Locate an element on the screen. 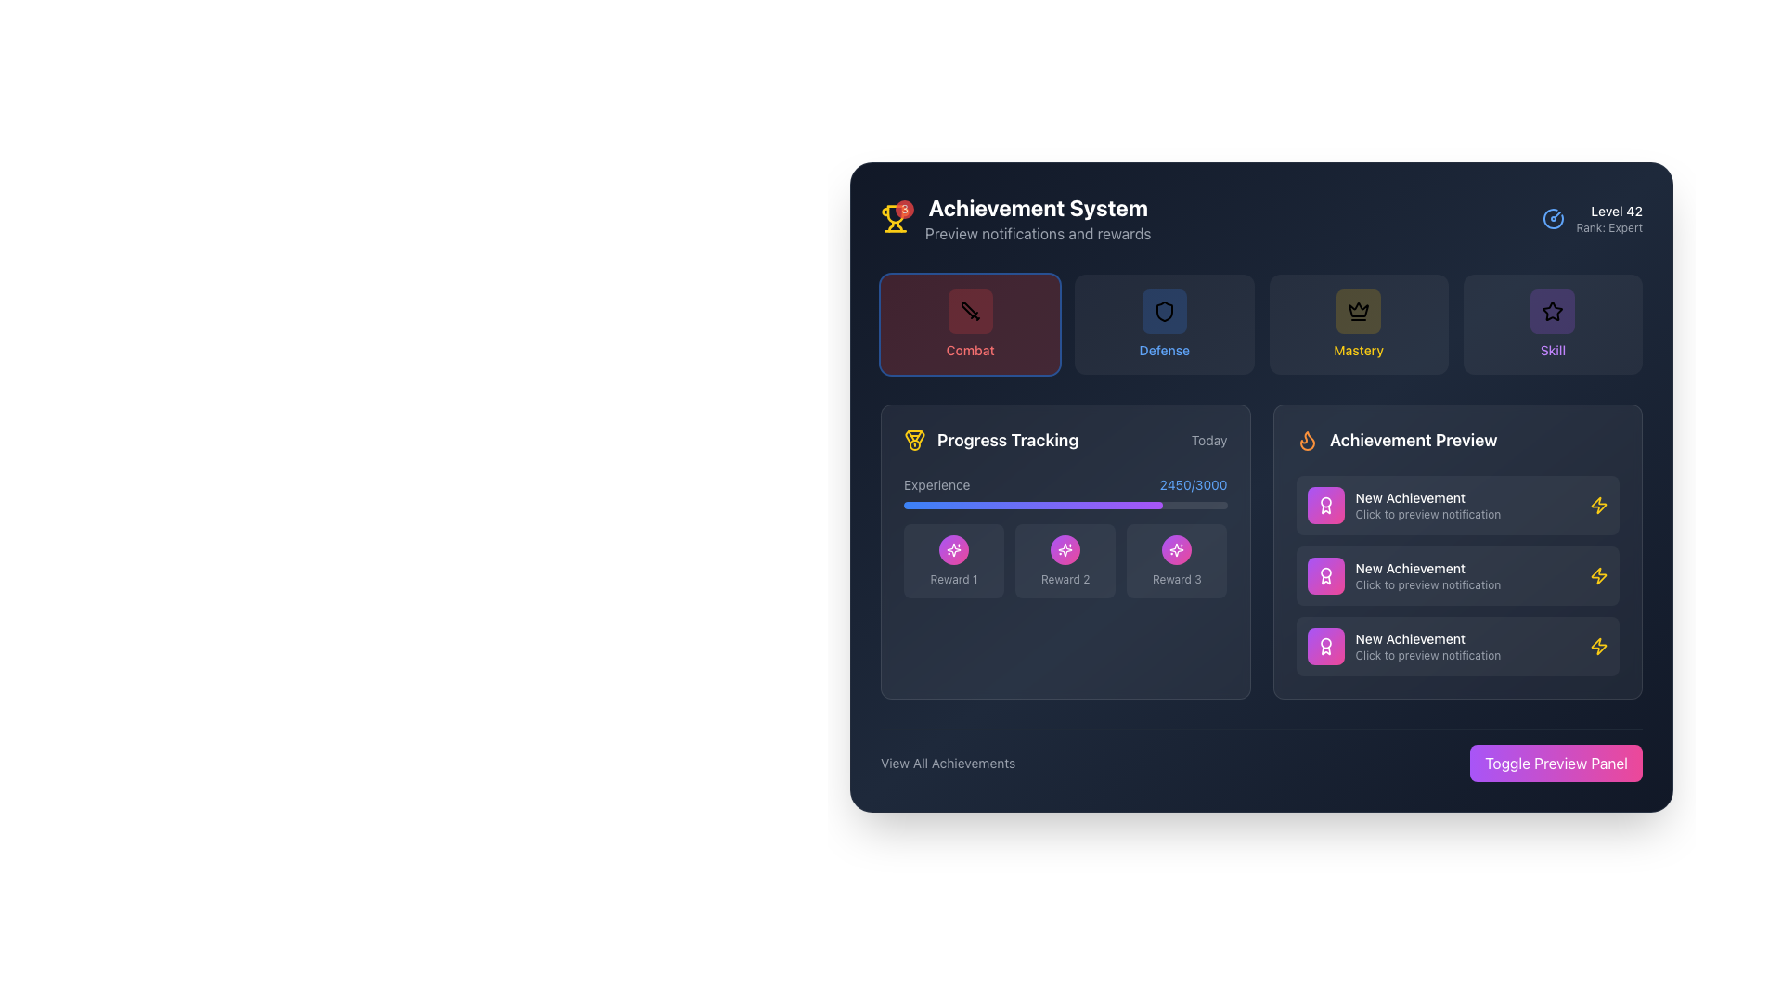 This screenshot has width=1782, height=1002. the label indicating the title or description for the second reward in the Progress Tracking section, which is centrally positioned between 'Reward 1' and 'Reward 3' is located at coordinates (1065, 578).